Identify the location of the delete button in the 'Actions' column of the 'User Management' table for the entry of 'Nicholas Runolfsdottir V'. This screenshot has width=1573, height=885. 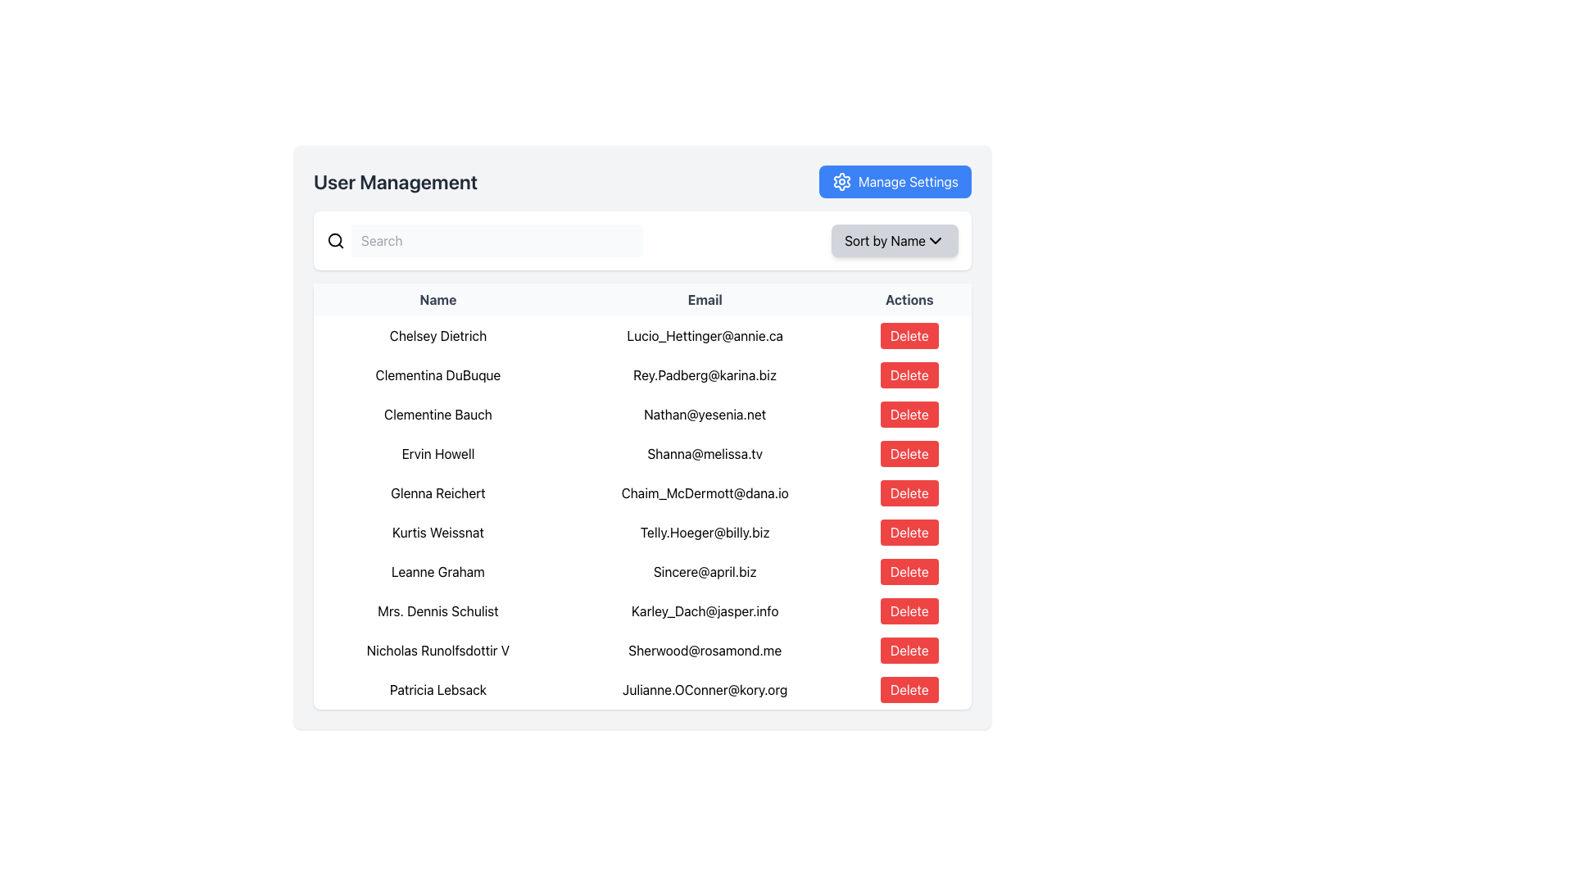
(909, 650).